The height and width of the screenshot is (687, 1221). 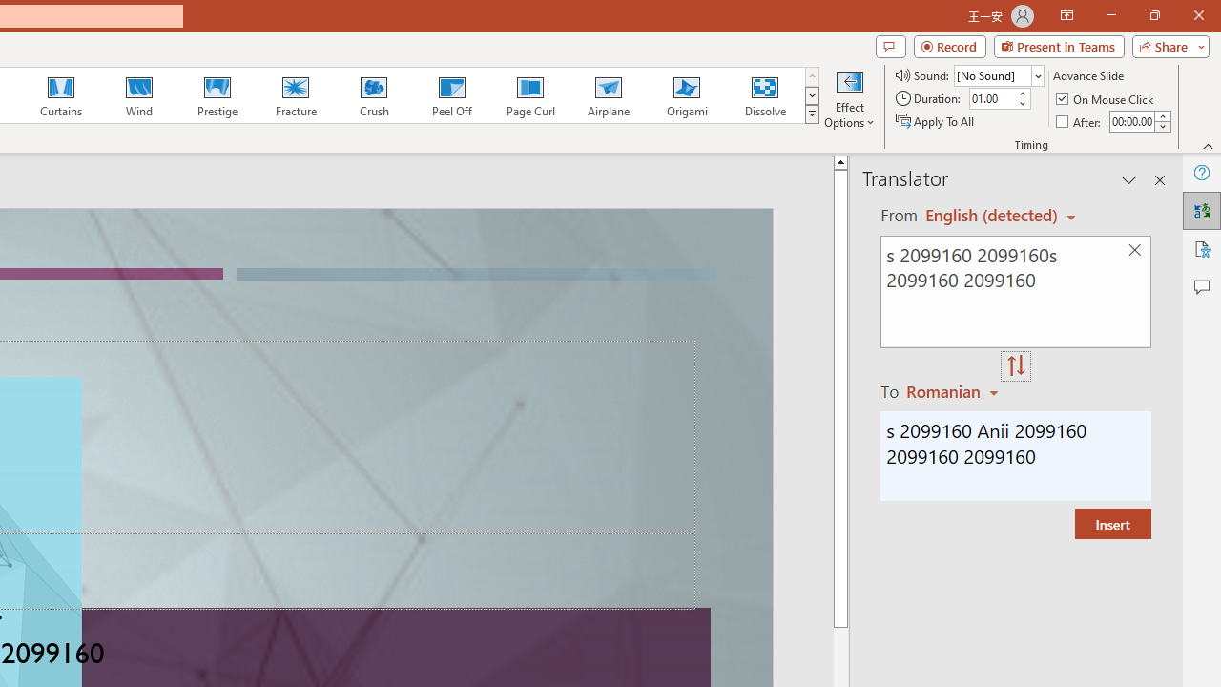 What do you see at coordinates (294, 95) in the screenshot?
I see `'Fracture'` at bounding box center [294, 95].